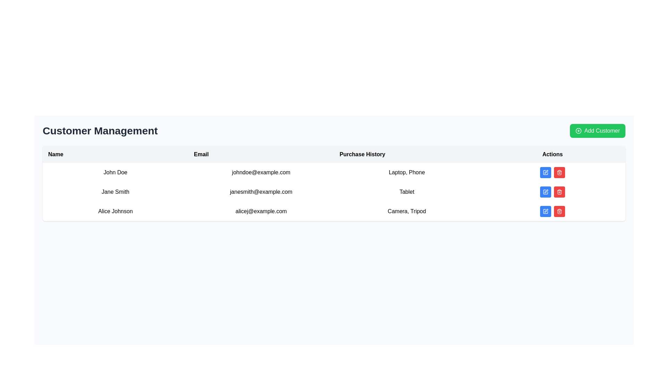 This screenshot has height=375, width=666. Describe the element at coordinates (597, 131) in the screenshot. I see `the green rectangular button with rounded corners labeled 'Add Customer'` at that location.